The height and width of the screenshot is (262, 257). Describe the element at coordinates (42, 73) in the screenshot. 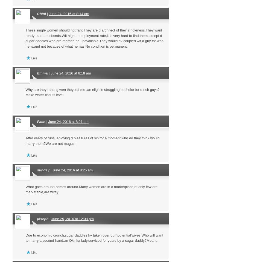

I see `'Emma'` at that location.